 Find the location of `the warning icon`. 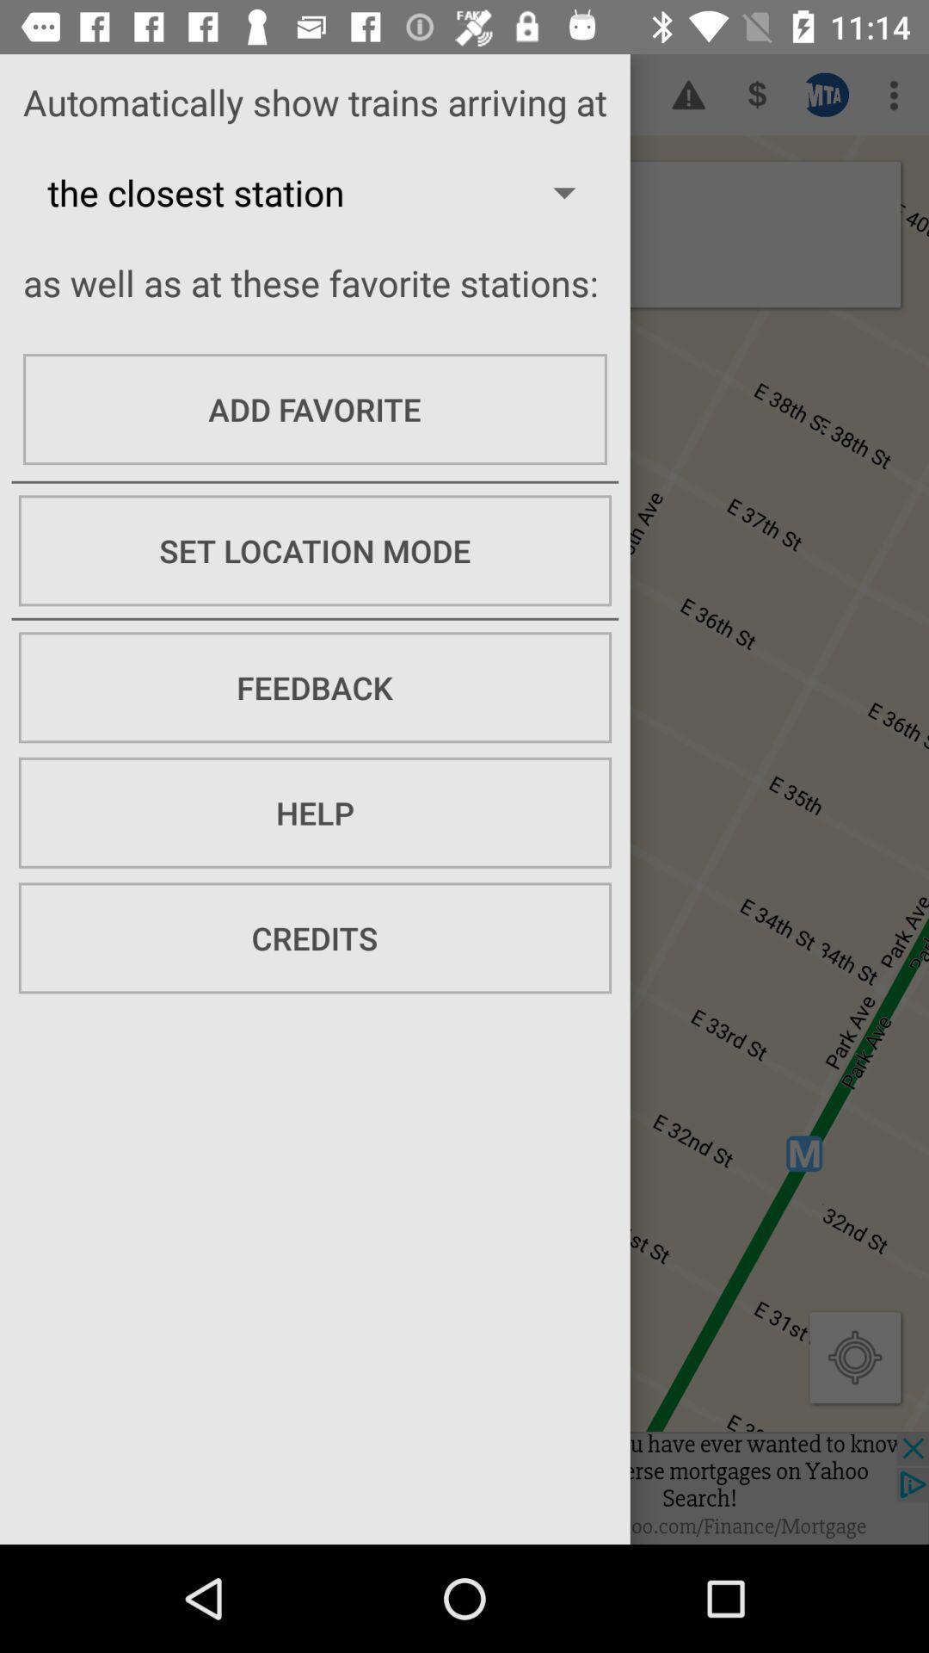

the warning icon is located at coordinates (688, 94).